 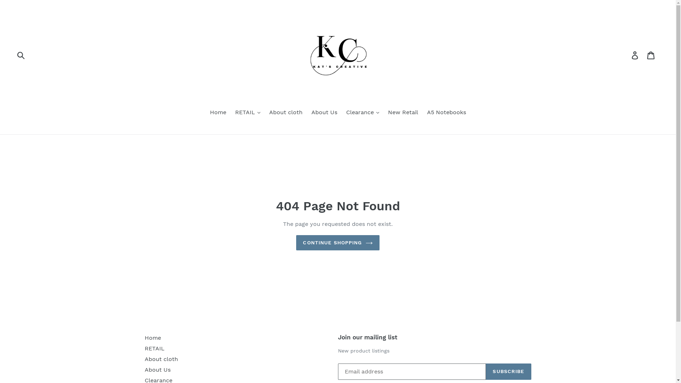 What do you see at coordinates (635, 55) in the screenshot?
I see `'Log in'` at bounding box center [635, 55].